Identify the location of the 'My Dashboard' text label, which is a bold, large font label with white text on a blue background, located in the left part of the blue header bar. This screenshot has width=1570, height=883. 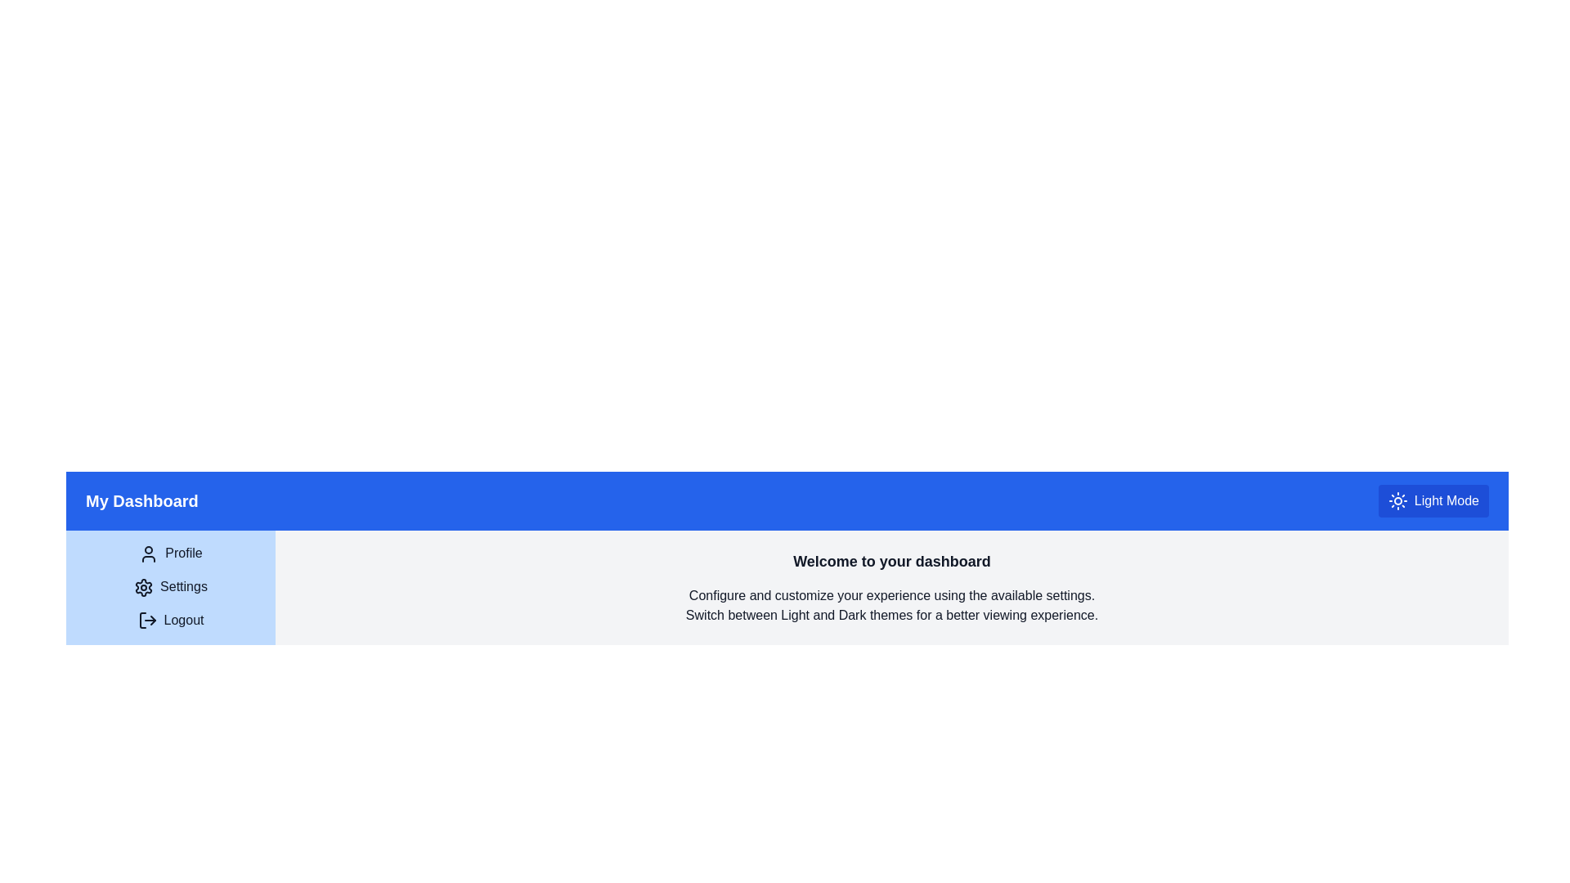
(141, 500).